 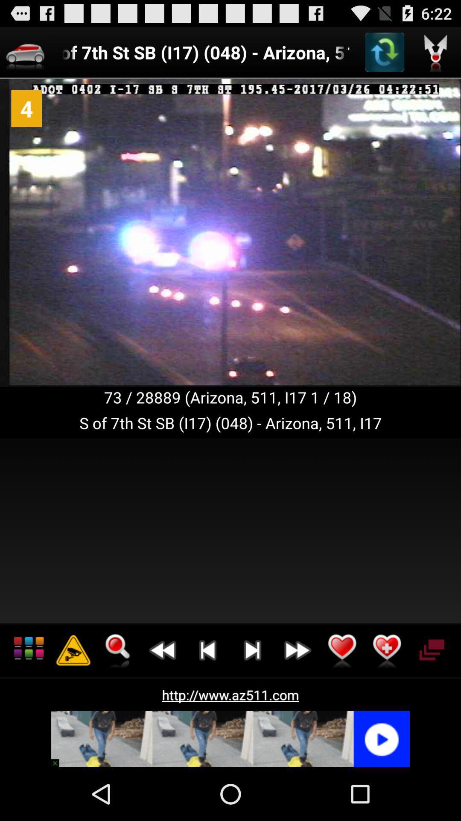 I want to click on the search icon, so click(x=118, y=696).